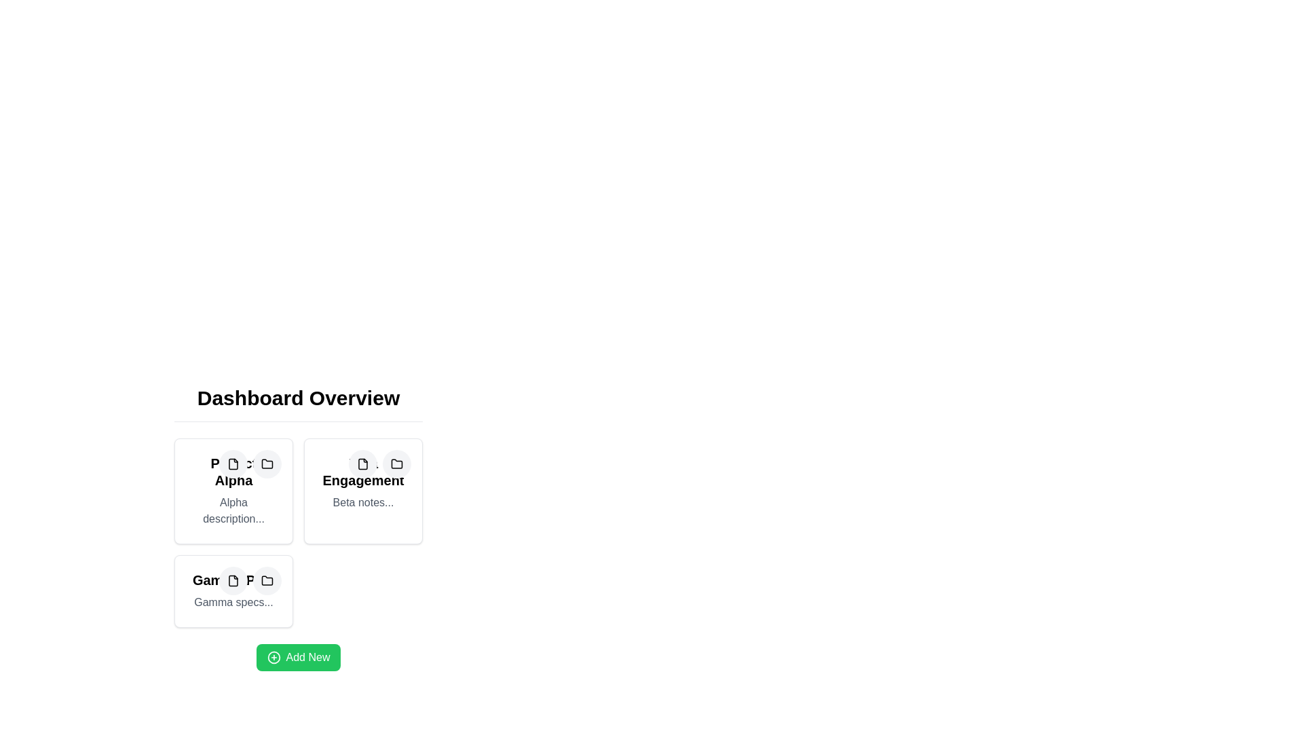  I want to click on the folder icon button located in the third card of a 2x2 grid layout at the top of the card, so click(267, 580).